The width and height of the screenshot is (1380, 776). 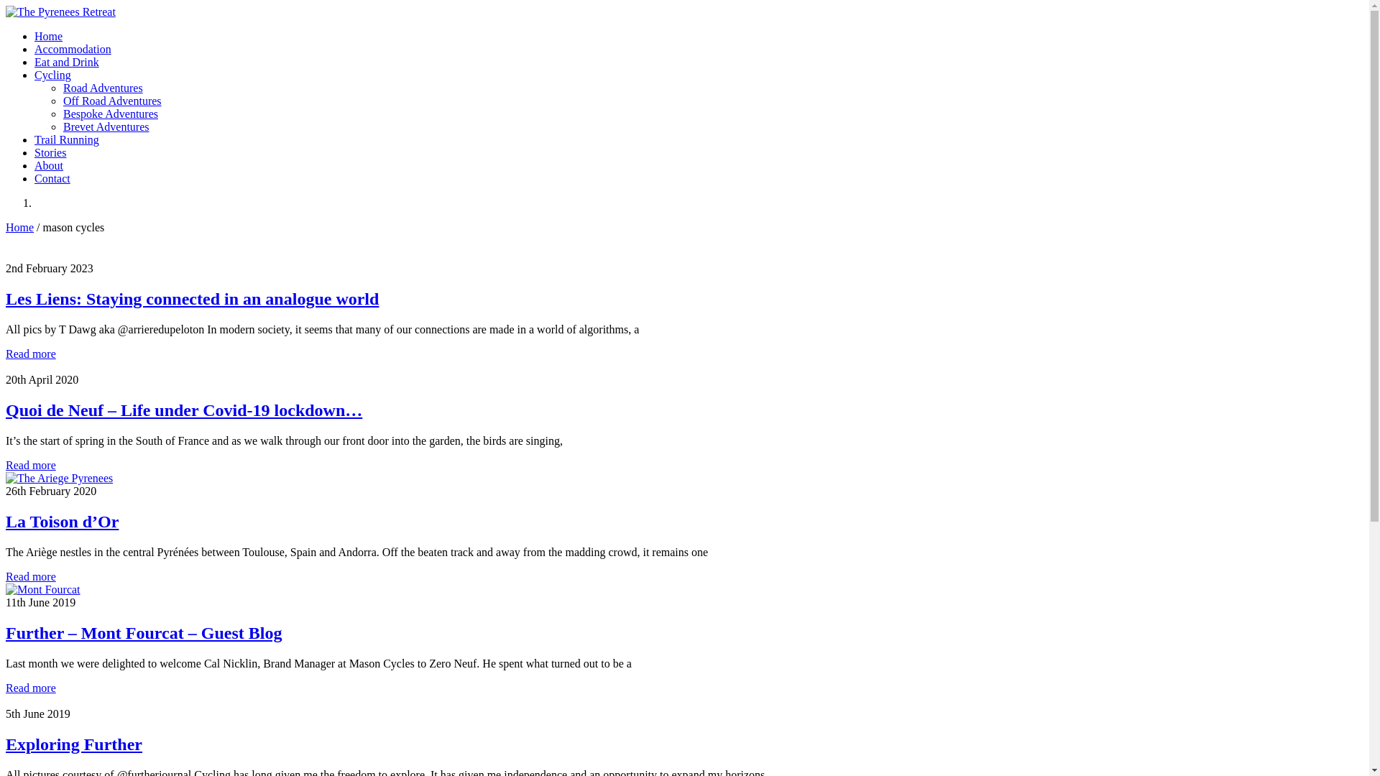 What do you see at coordinates (31, 465) in the screenshot?
I see `'Read more'` at bounding box center [31, 465].